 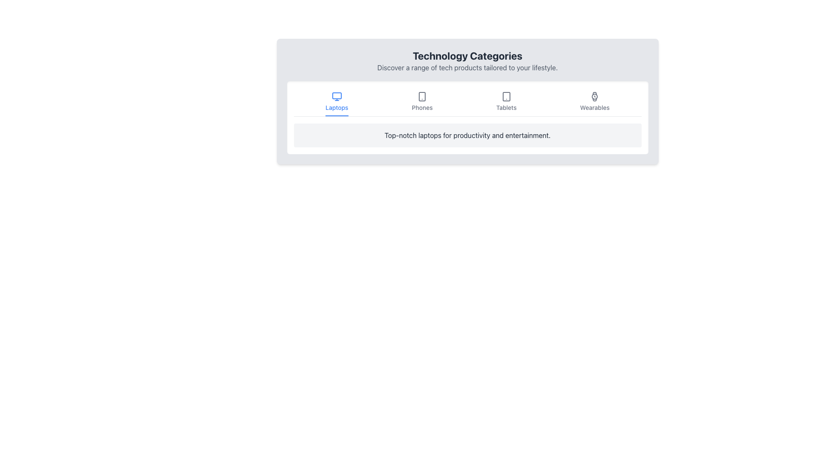 I want to click on the static text label that identifies the 'Tablets' category, which is located under the tablet icon in the third position of the category row, so click(x=506, y=107).